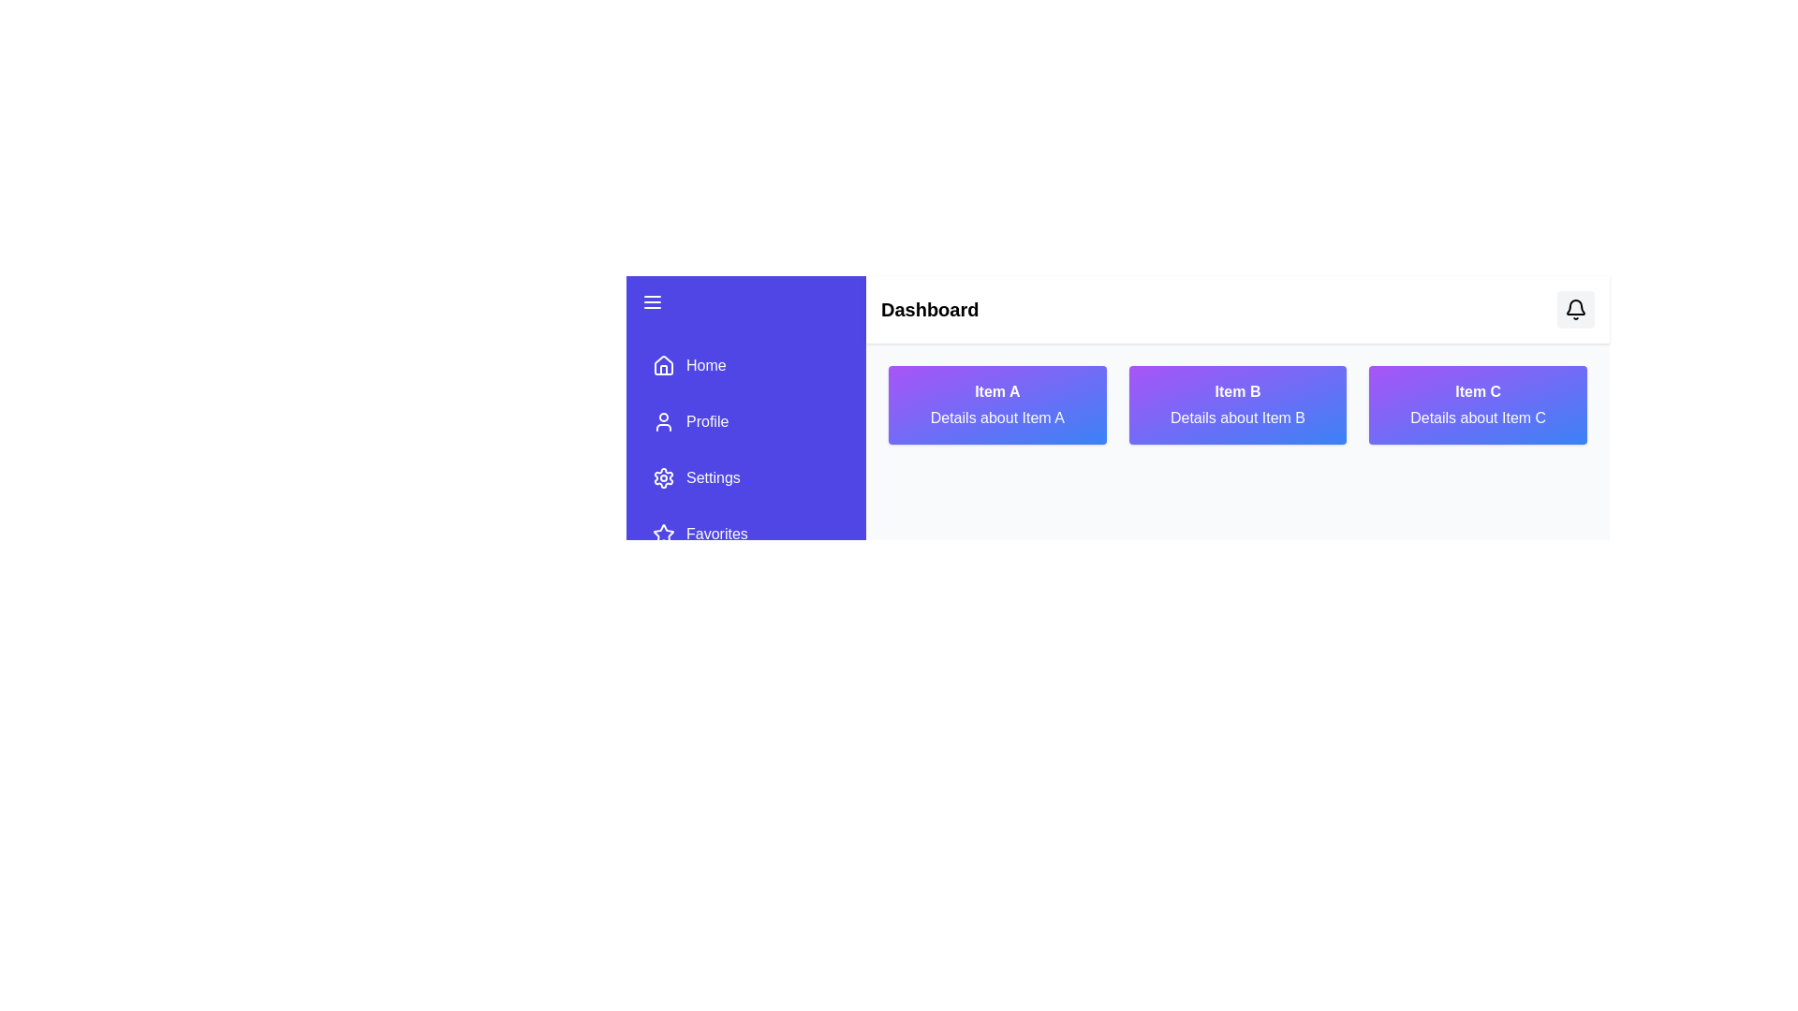 This screenshot has width=1798, height=1011. What do you see at coordinates (1477, 418) in the screenshot?
I see `the static text label displaying 'Details about Item C' located in the bottom part of the card titled 'Item C' to read the text` at bounding box center [1477, 418].